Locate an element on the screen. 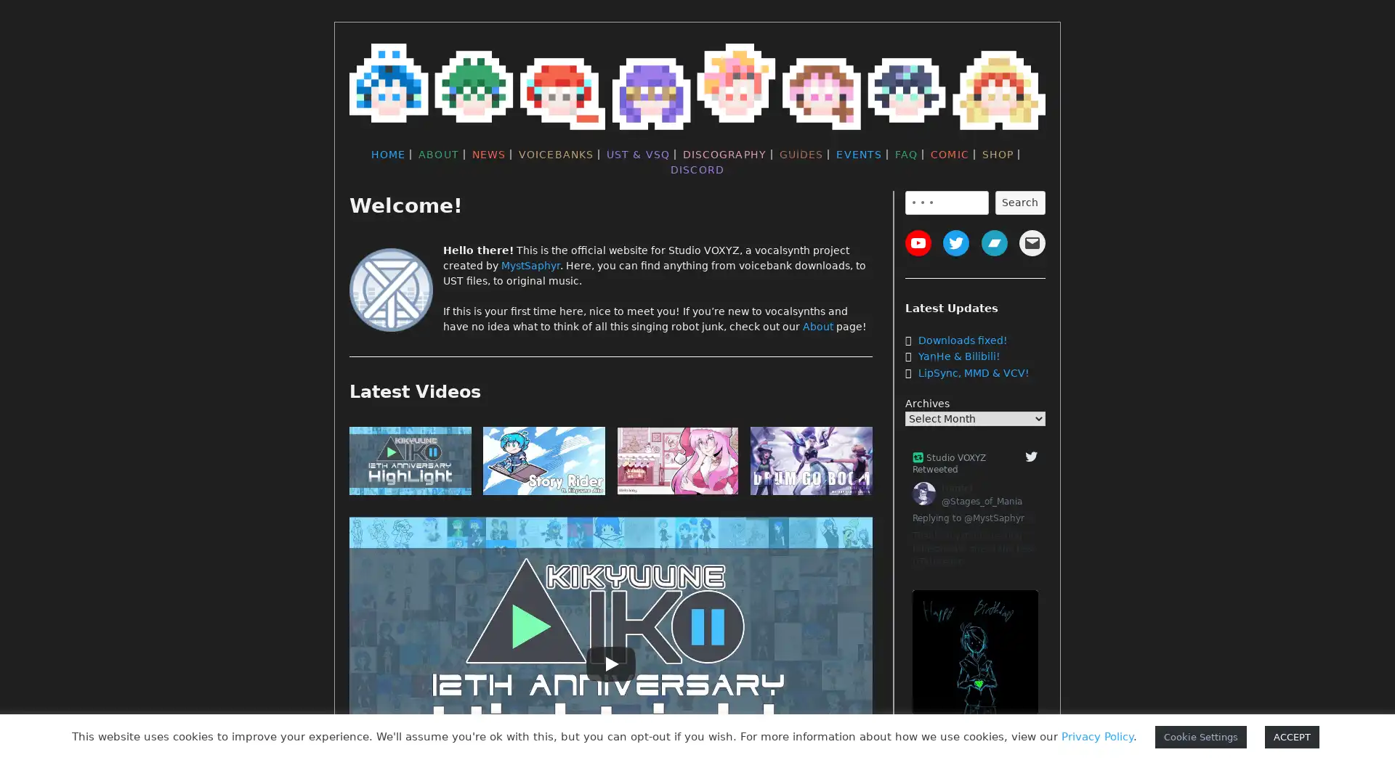  play is located at coordinates (410, 464).